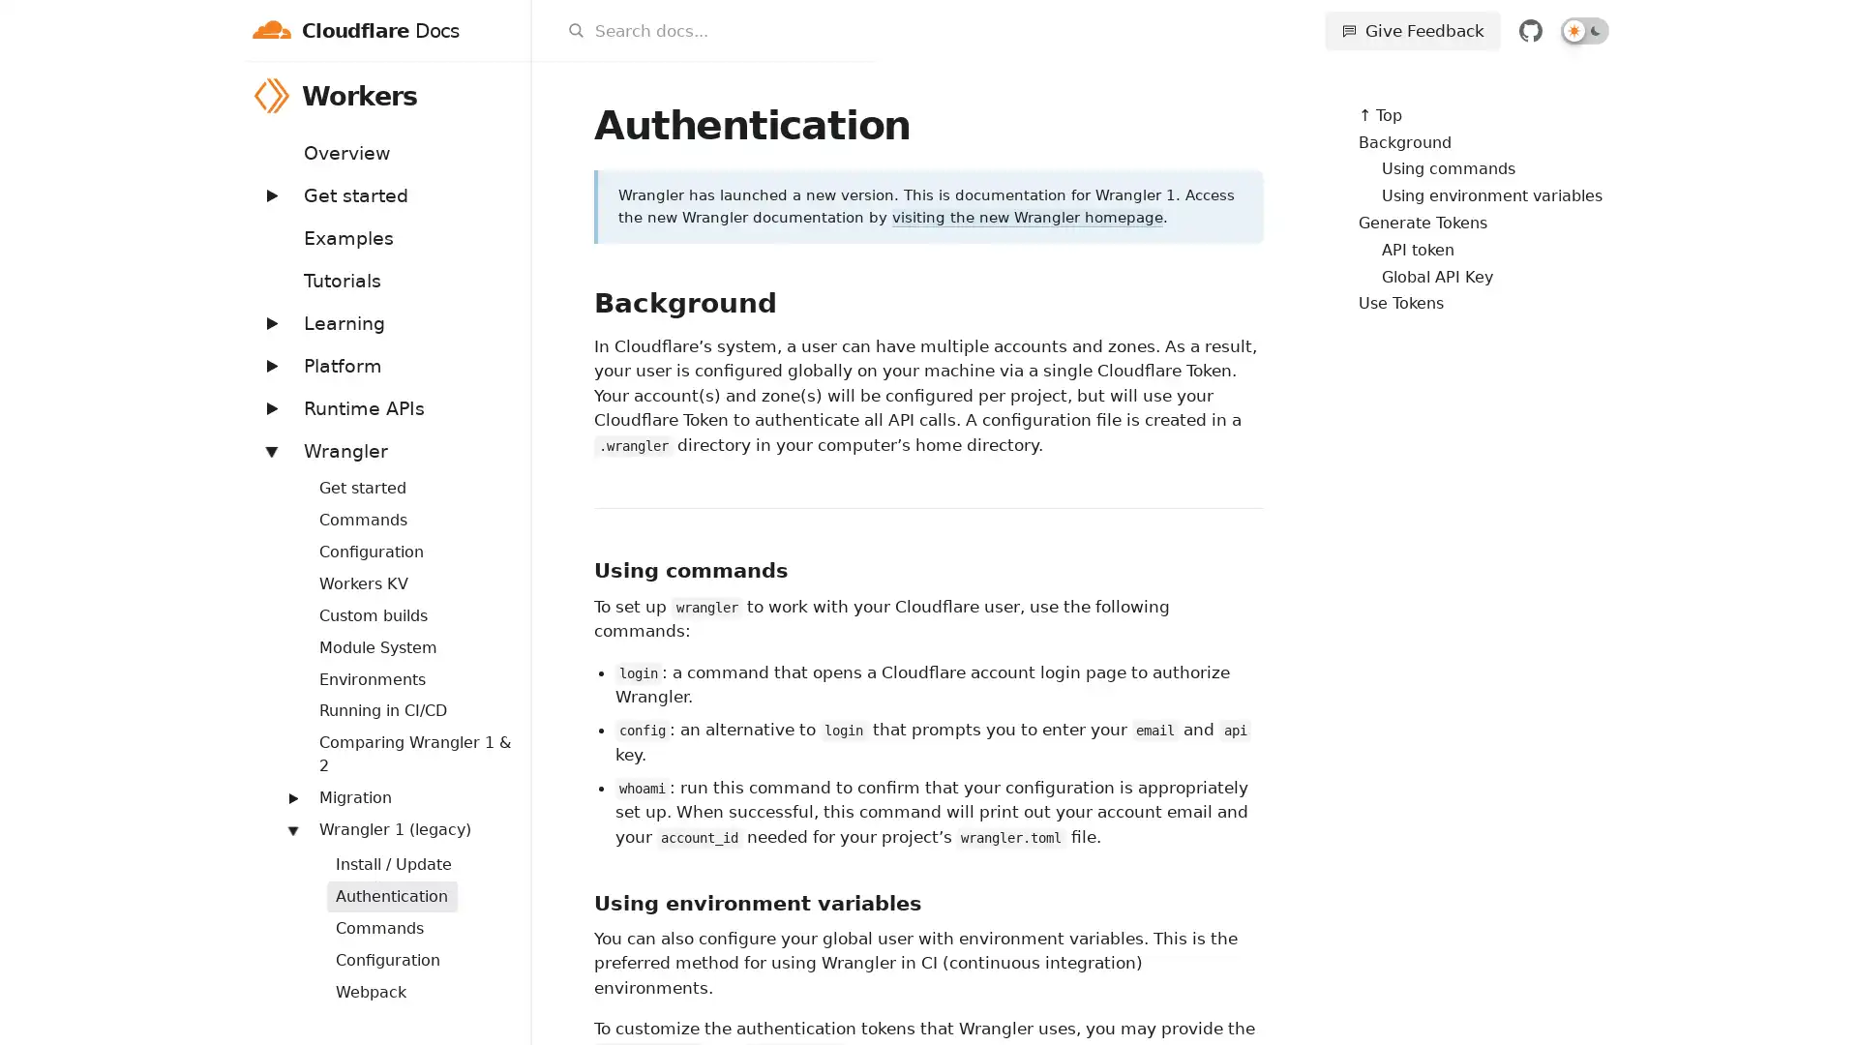  Describe the element at coordinates (269, 365) in the screenshot. I see `Expand: Platform` at that location.